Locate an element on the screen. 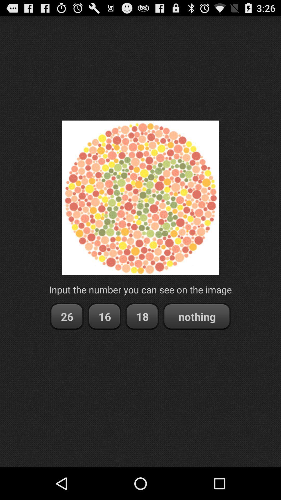 Image resolution: width=281 pixels, height=500 pixels. the icon to the left of the 18 item is located at coordinates (104, 316).